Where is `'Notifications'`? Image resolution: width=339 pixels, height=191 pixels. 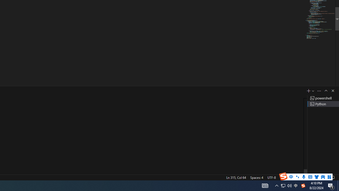 'Notifications' is located at coordinates (333, 177).